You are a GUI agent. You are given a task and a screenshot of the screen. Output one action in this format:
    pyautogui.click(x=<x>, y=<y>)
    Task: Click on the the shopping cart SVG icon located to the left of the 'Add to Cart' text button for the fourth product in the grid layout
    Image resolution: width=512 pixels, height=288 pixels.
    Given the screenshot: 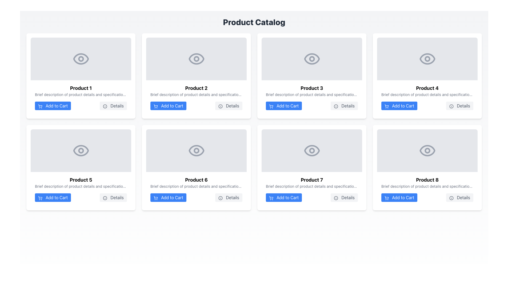 What is the action you would take?
    pyautogui.click(x=386, y=106)
    